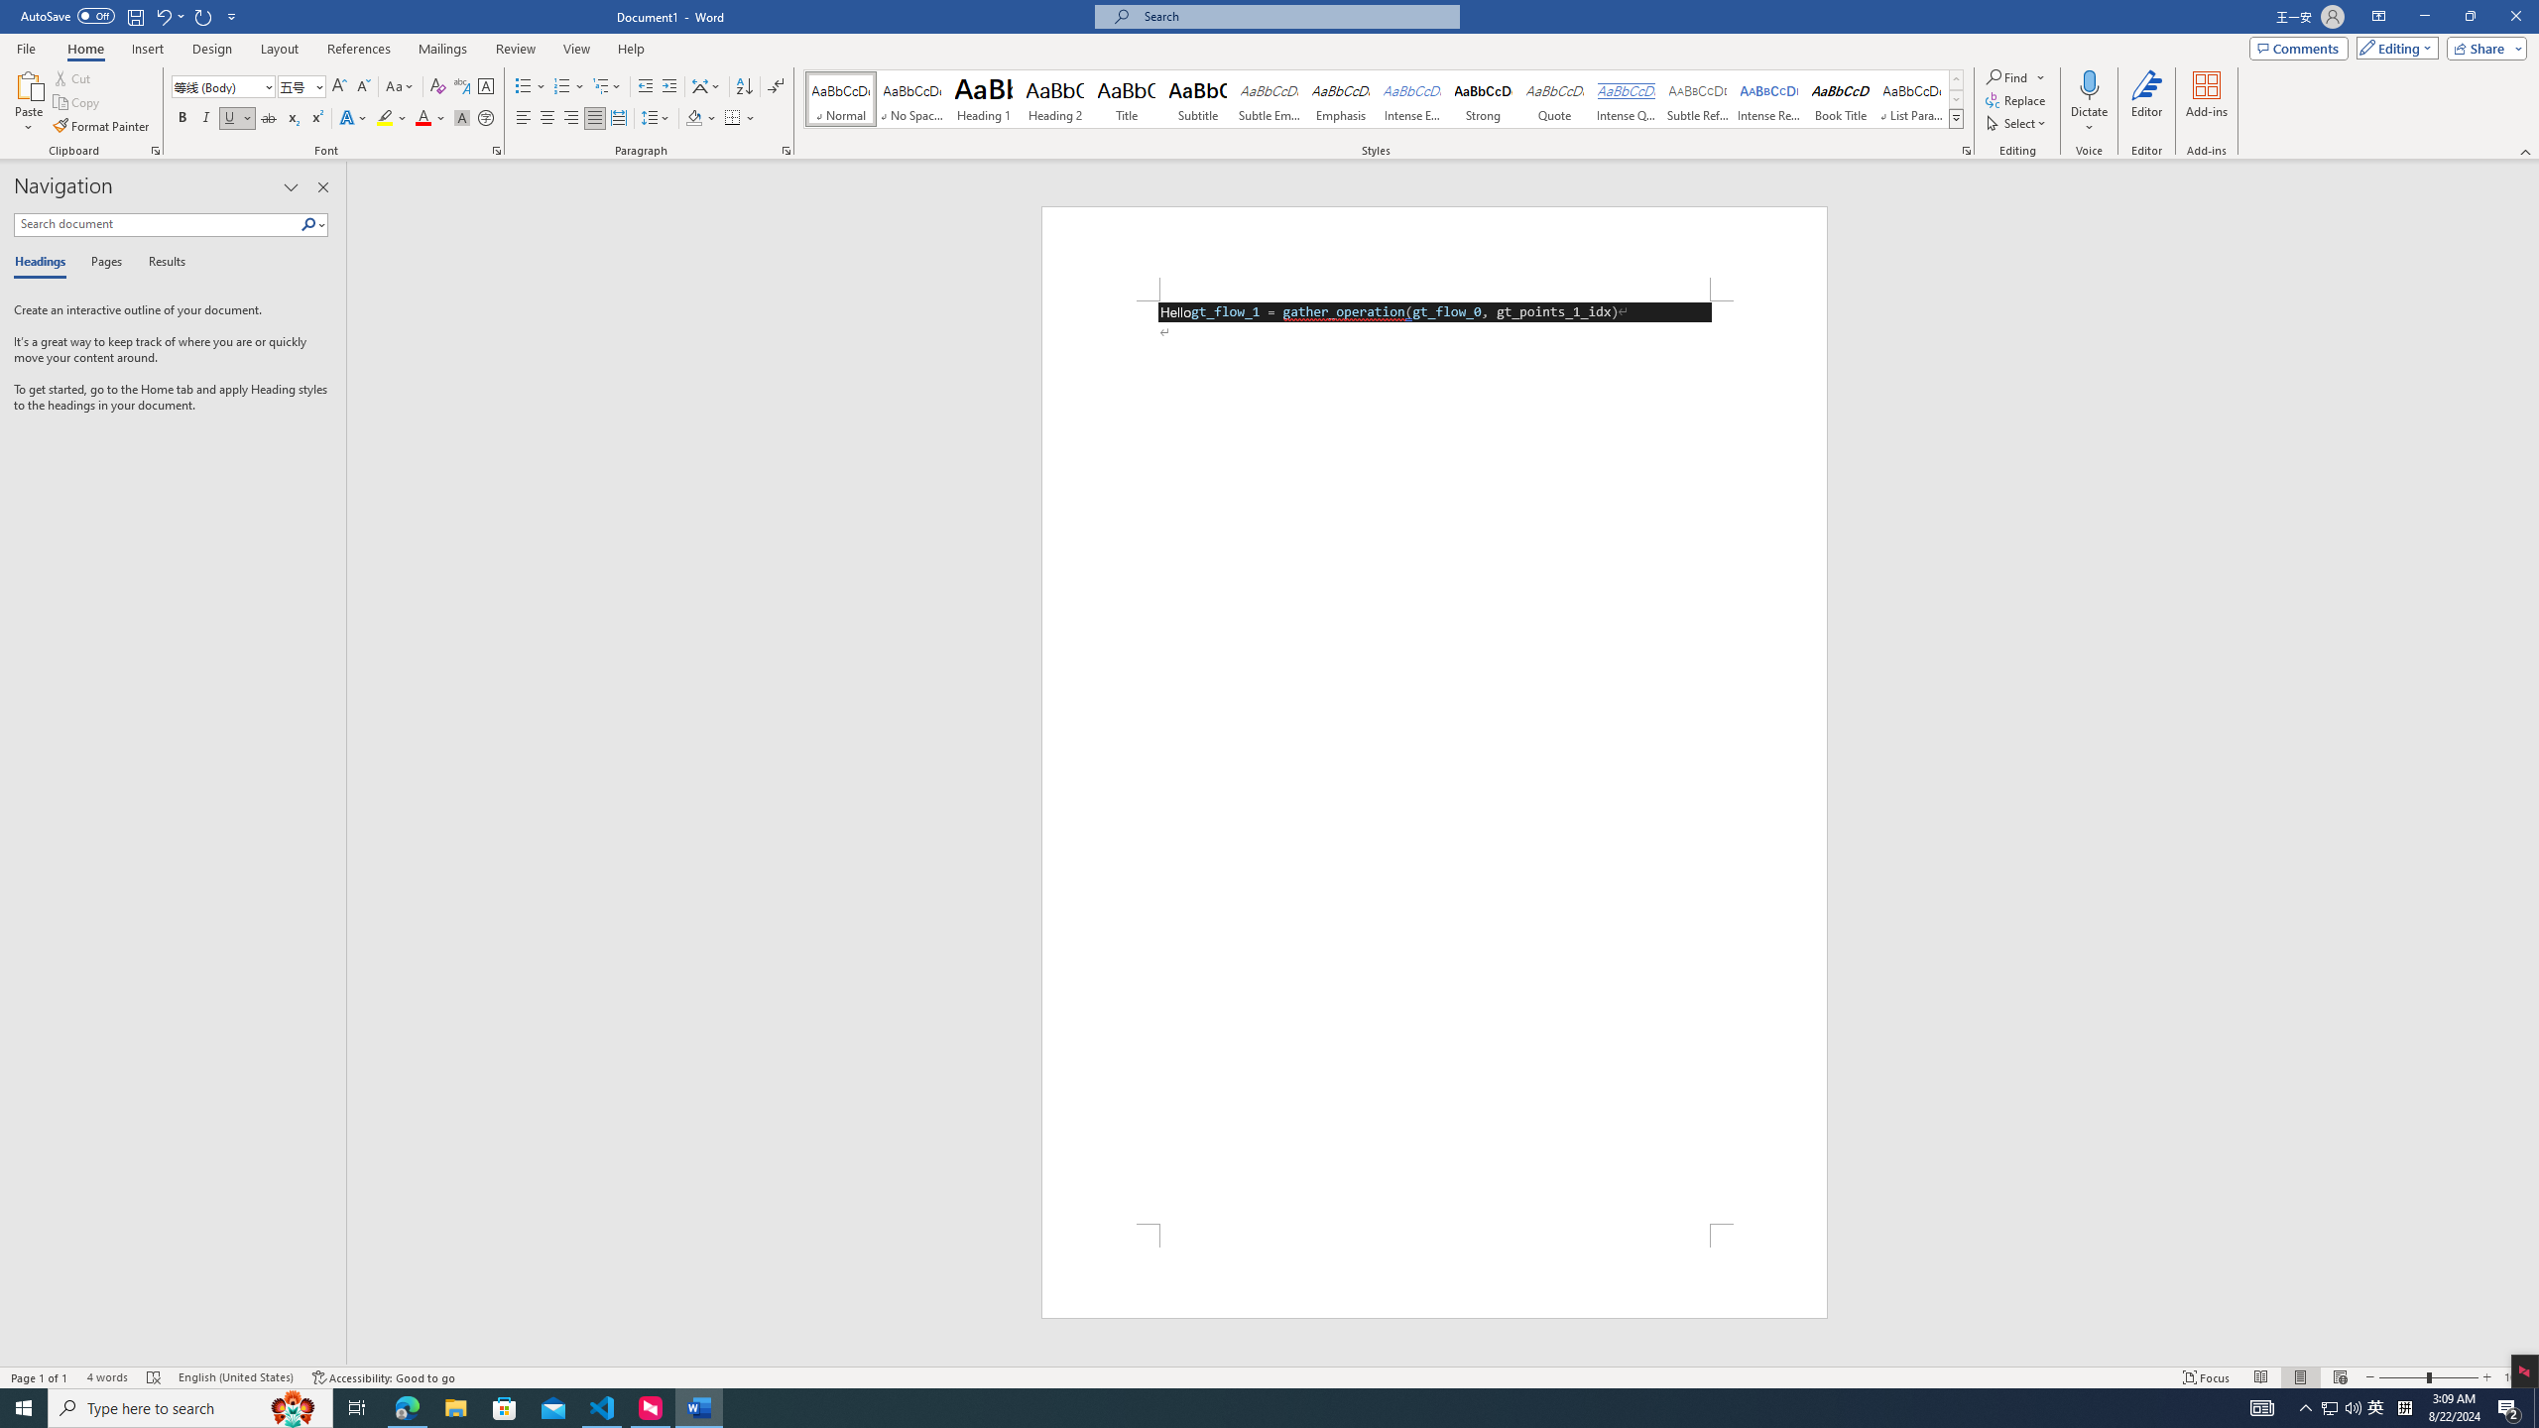 This screenshot has height=1428, width=2539. Describe the element at coordinates (1555, 98) in the screenshot. I see `'Quote'` at that location.